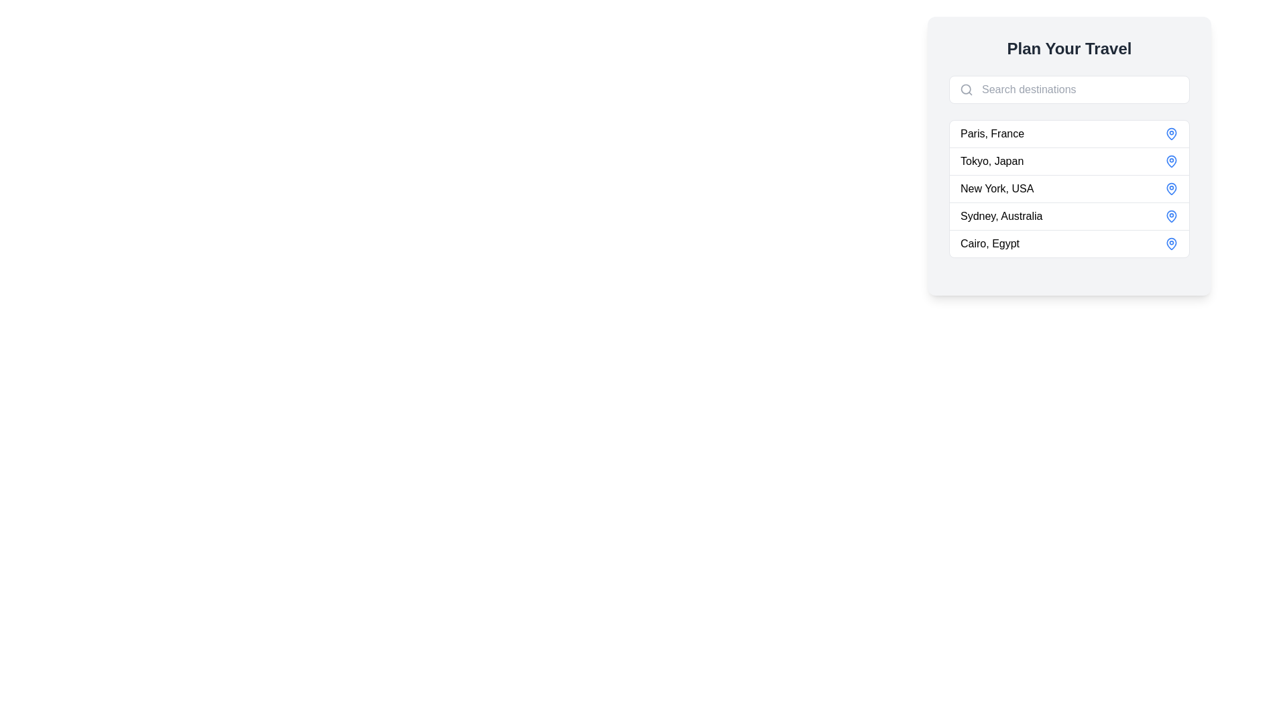  I want to click on the text label for 'Sydney, Australia', so click(1001, 216).